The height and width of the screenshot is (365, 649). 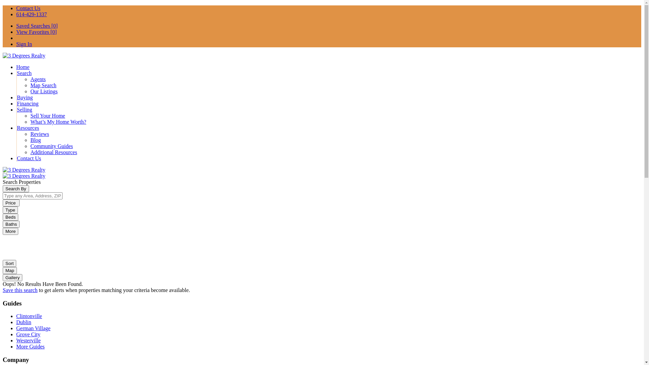 I want to click on 'Search', so click(x=24, y=73).